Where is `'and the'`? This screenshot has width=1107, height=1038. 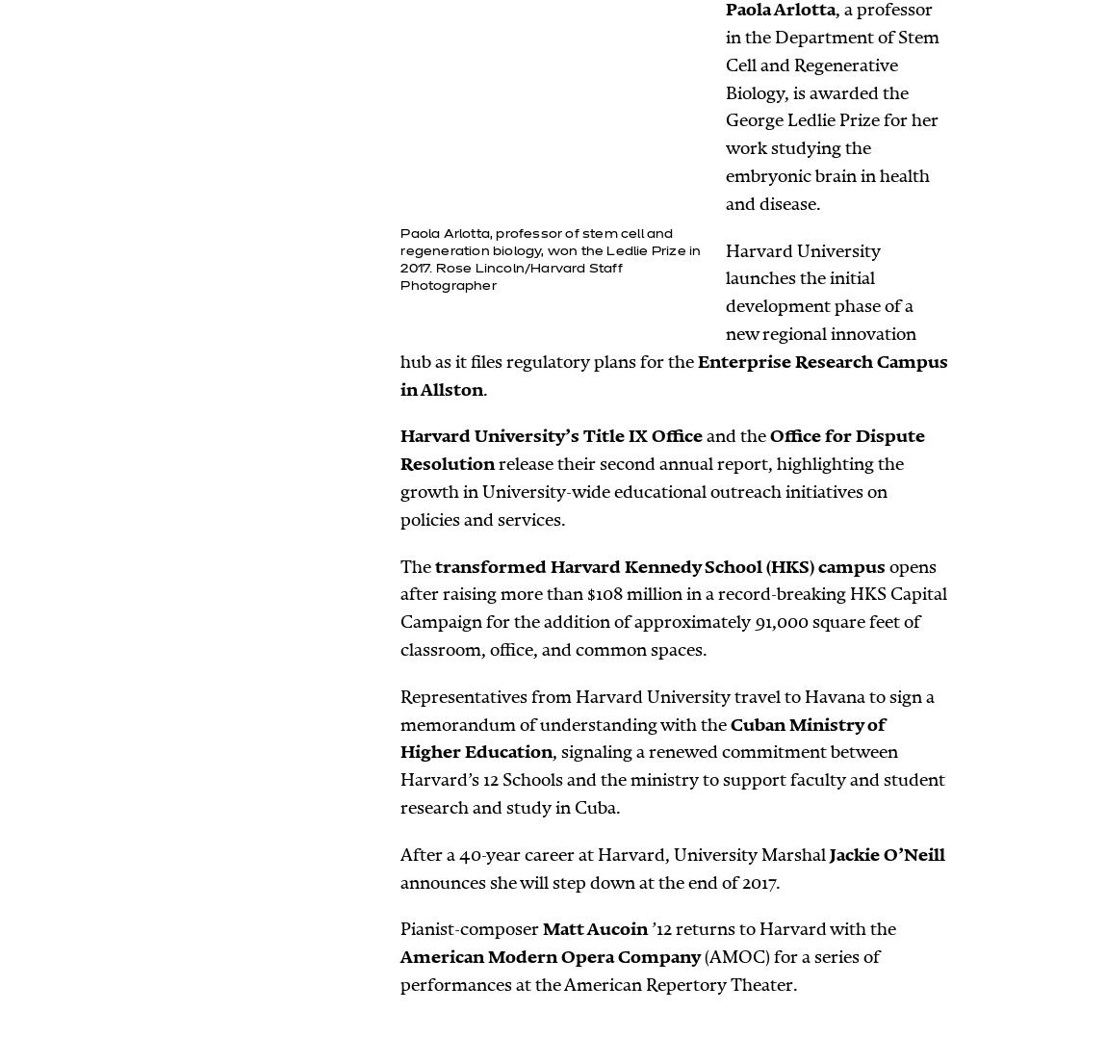
'and the' is located at coordinates (702, 435).